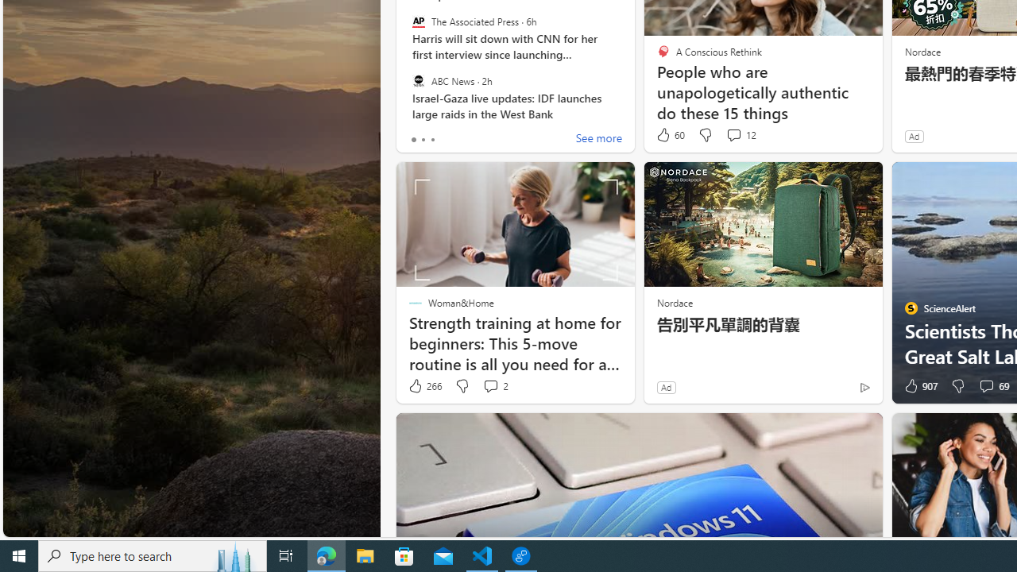 This screenshot has height=572, width=1017. I want to click on '60 Like', so click(670, 134).